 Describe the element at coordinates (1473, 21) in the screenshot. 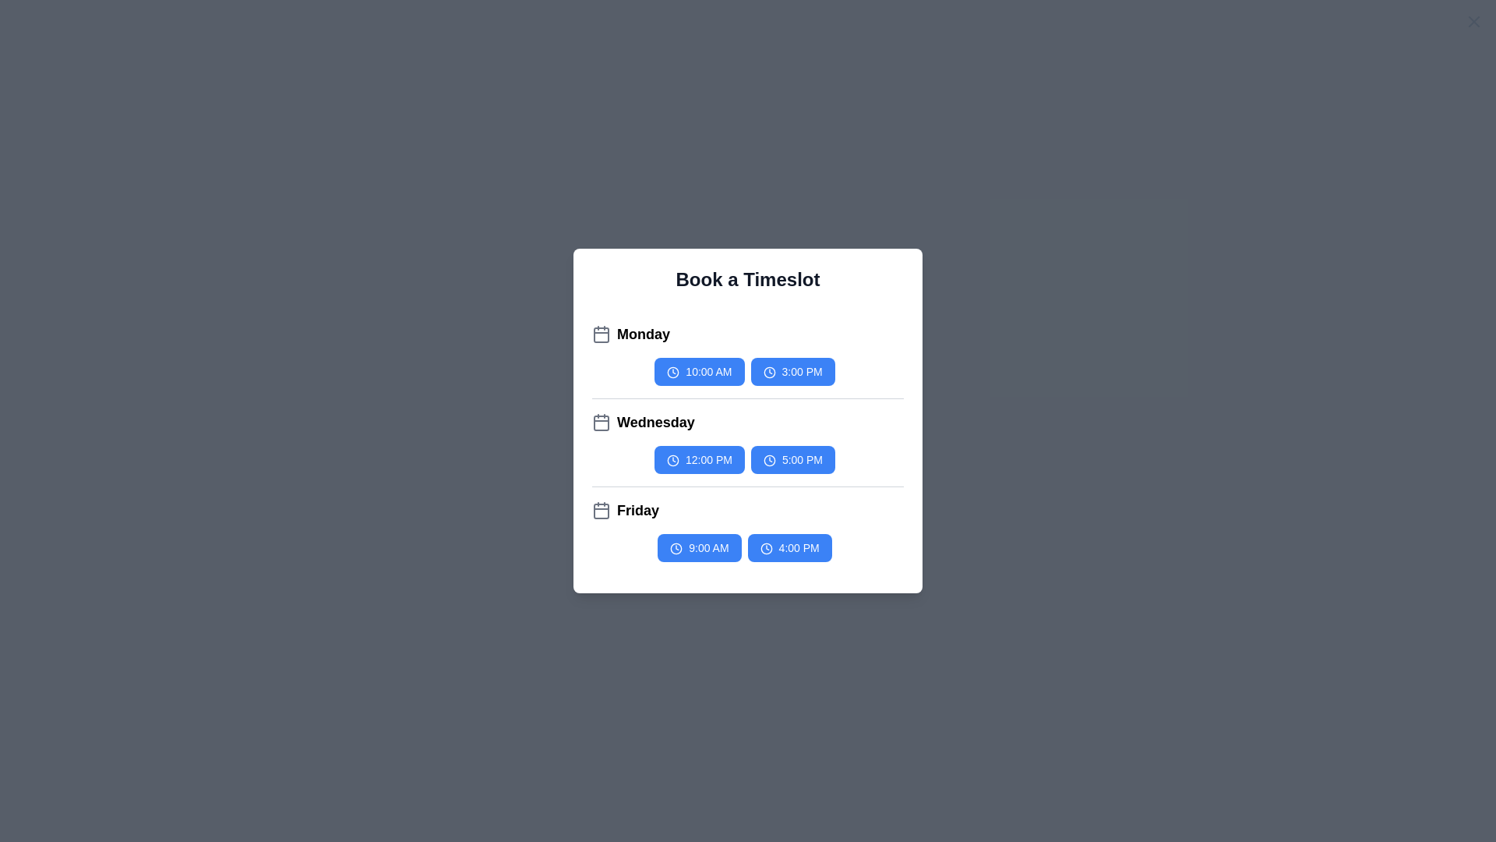

I see `the close button to close the dialog` at that location.